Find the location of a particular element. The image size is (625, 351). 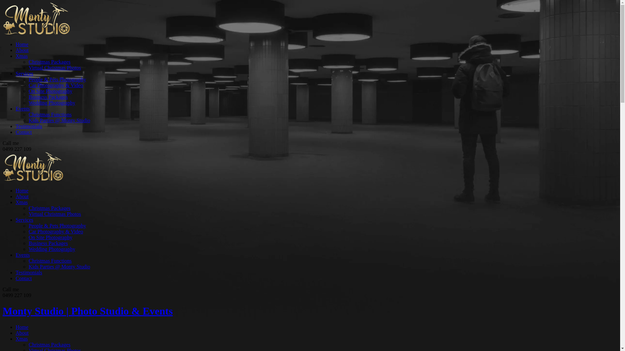

'Business Packages' is located at coordinates (28, 243).